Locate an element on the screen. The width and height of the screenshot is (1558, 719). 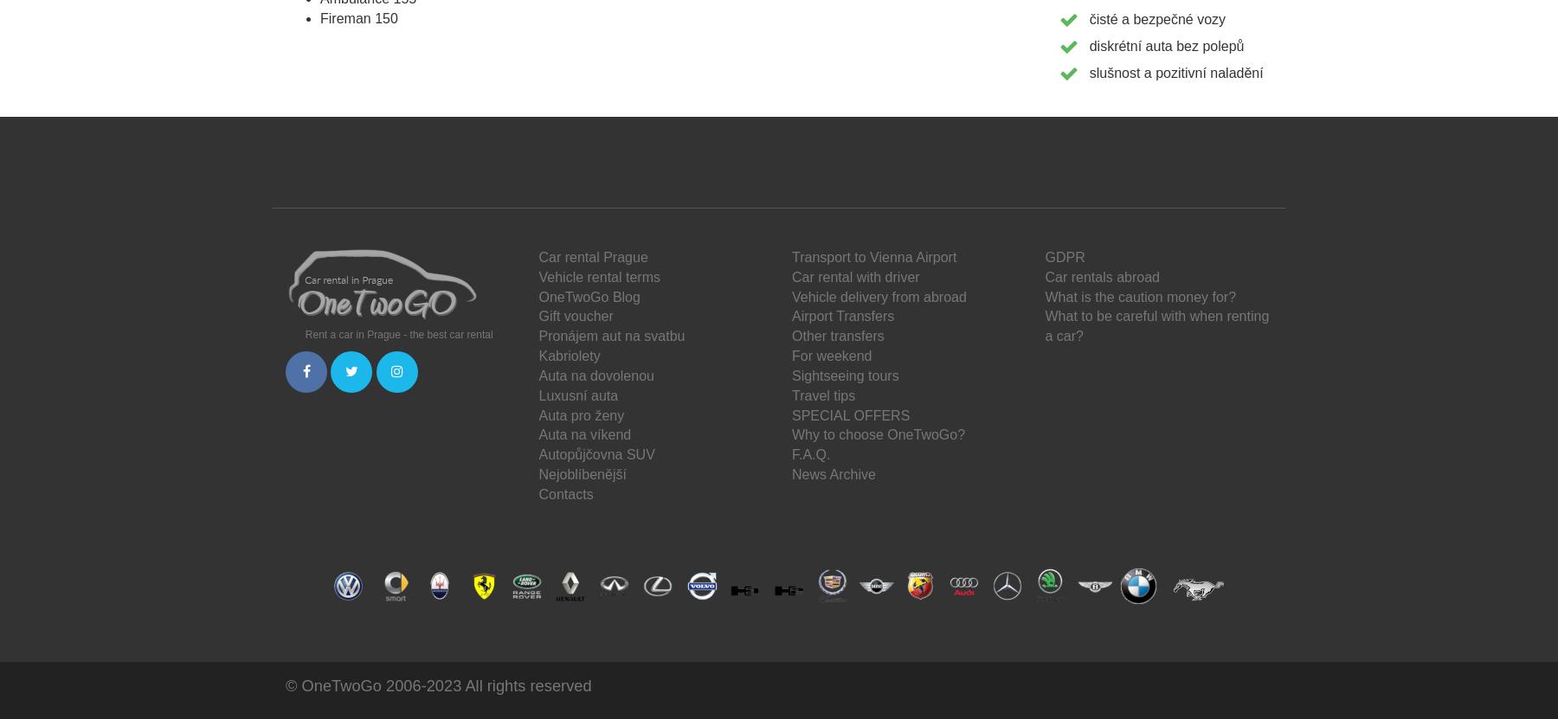
'Pronájem aut na svatbu' is located at coordinates (610, 336).